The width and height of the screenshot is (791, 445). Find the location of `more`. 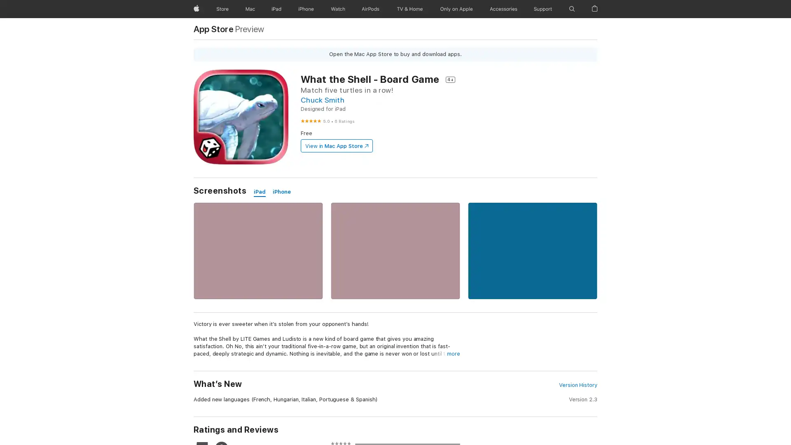

more is located at coordinates (453, 354).